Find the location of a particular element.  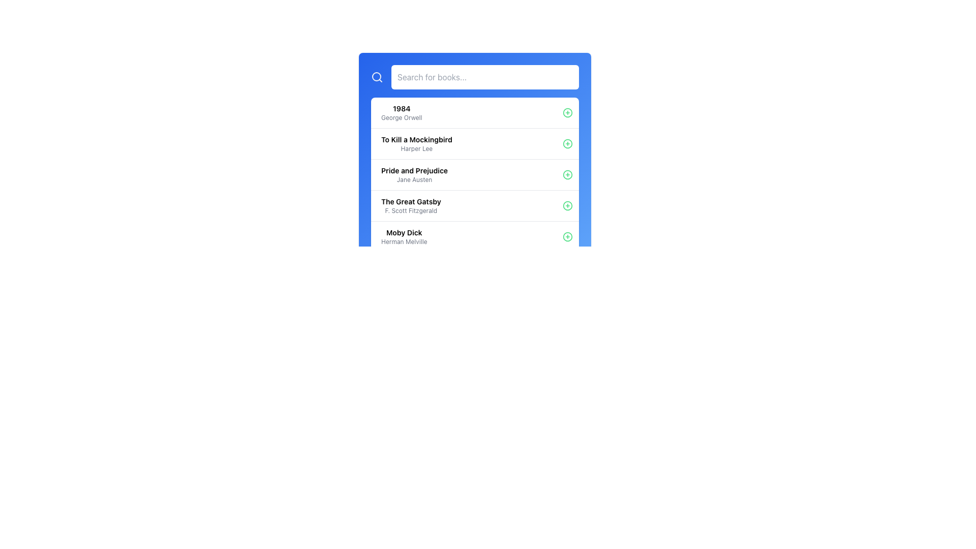

the green action button is located at coordinates (567, 237).